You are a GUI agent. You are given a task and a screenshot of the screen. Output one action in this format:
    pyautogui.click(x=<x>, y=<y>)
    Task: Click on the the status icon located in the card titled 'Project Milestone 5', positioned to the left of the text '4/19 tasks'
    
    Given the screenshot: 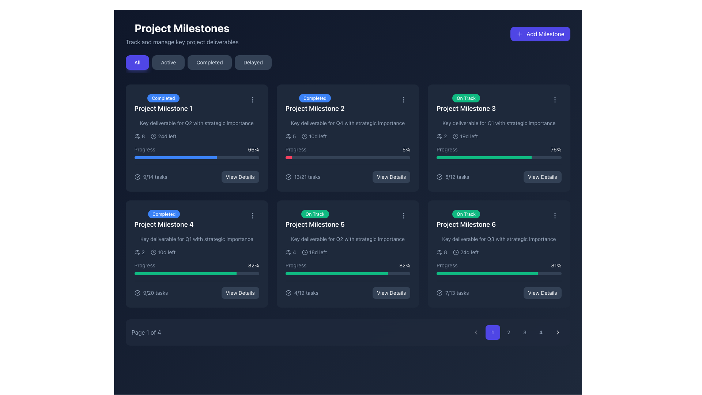 What is the action you would take?
    pyautogui.click(x=288, y=293)
    